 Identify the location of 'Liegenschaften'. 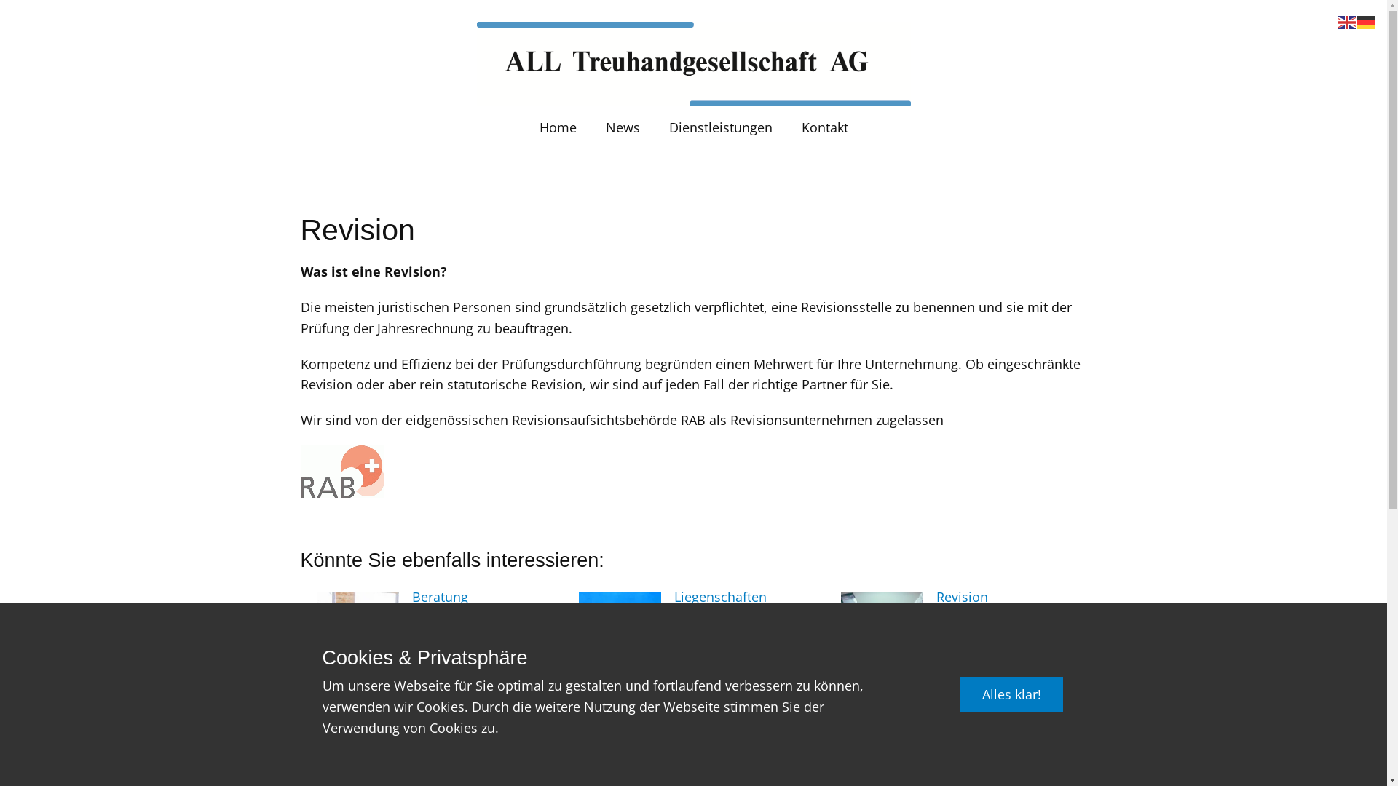
(720, 597).